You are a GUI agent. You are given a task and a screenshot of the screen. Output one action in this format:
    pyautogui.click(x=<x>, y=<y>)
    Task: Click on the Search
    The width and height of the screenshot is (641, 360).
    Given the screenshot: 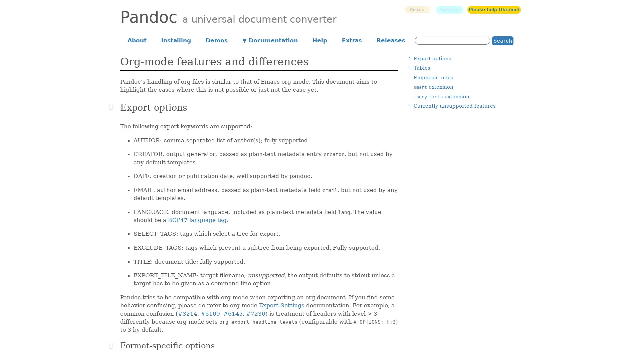 What is the action you would take?
    pyautogui.click(x=503, y=40)
    